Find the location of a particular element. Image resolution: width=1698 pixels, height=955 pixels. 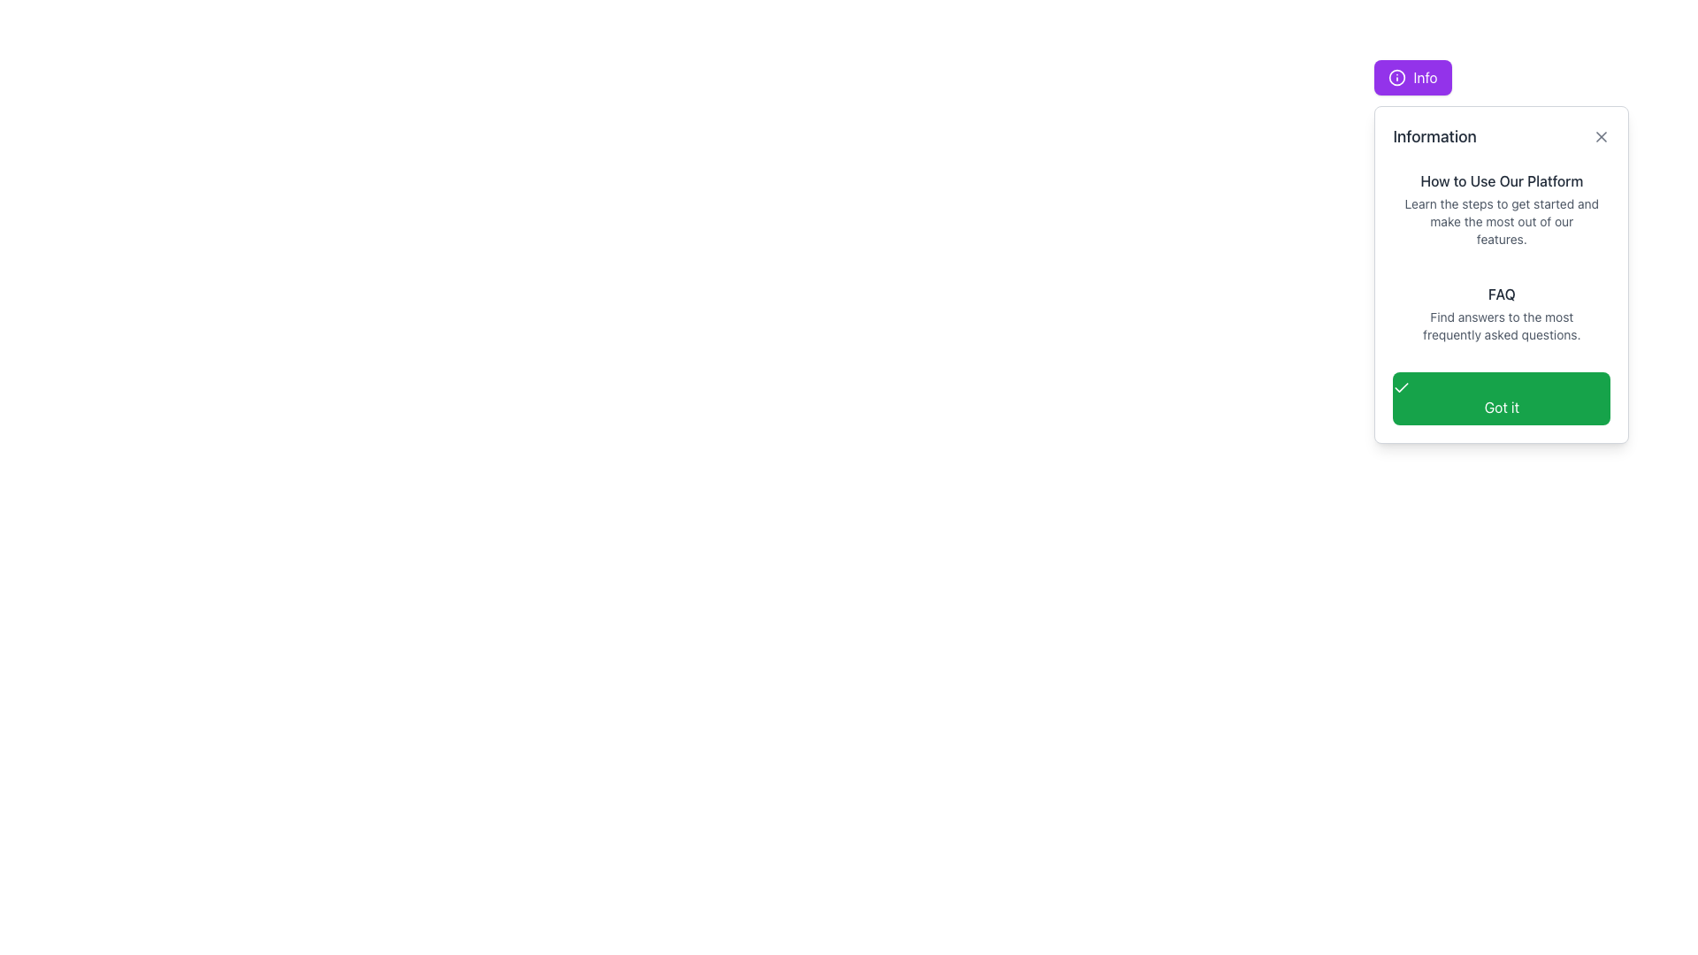

the confirmation button located at the bottom of the white pop-up panel to acknowledge or dismiss the information presented is located at coordinates (1501, 399).